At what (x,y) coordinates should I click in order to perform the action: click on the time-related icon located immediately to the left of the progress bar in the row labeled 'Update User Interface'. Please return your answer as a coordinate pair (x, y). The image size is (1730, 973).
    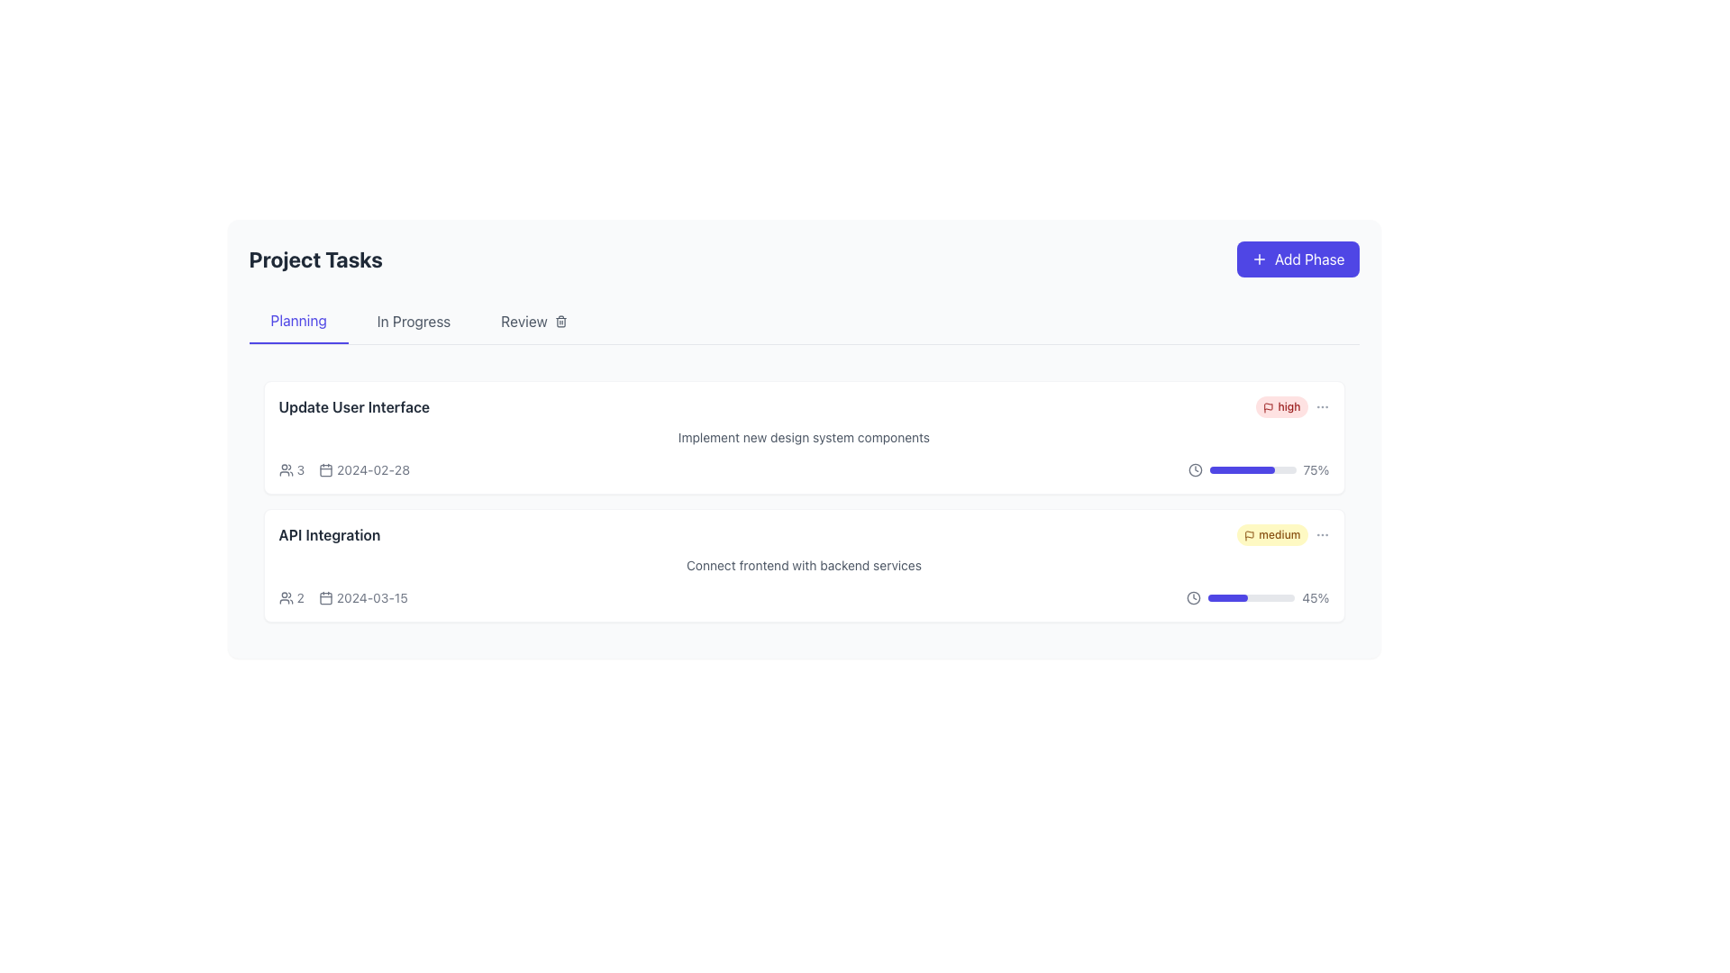
    Looking at the image, I should click on (1195, 468).